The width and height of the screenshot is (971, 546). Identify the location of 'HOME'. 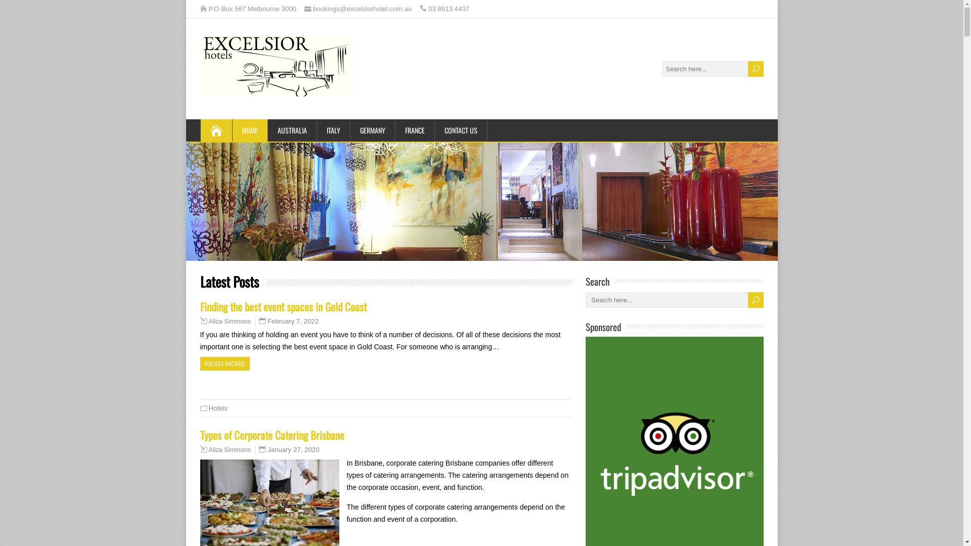
(250, 130).